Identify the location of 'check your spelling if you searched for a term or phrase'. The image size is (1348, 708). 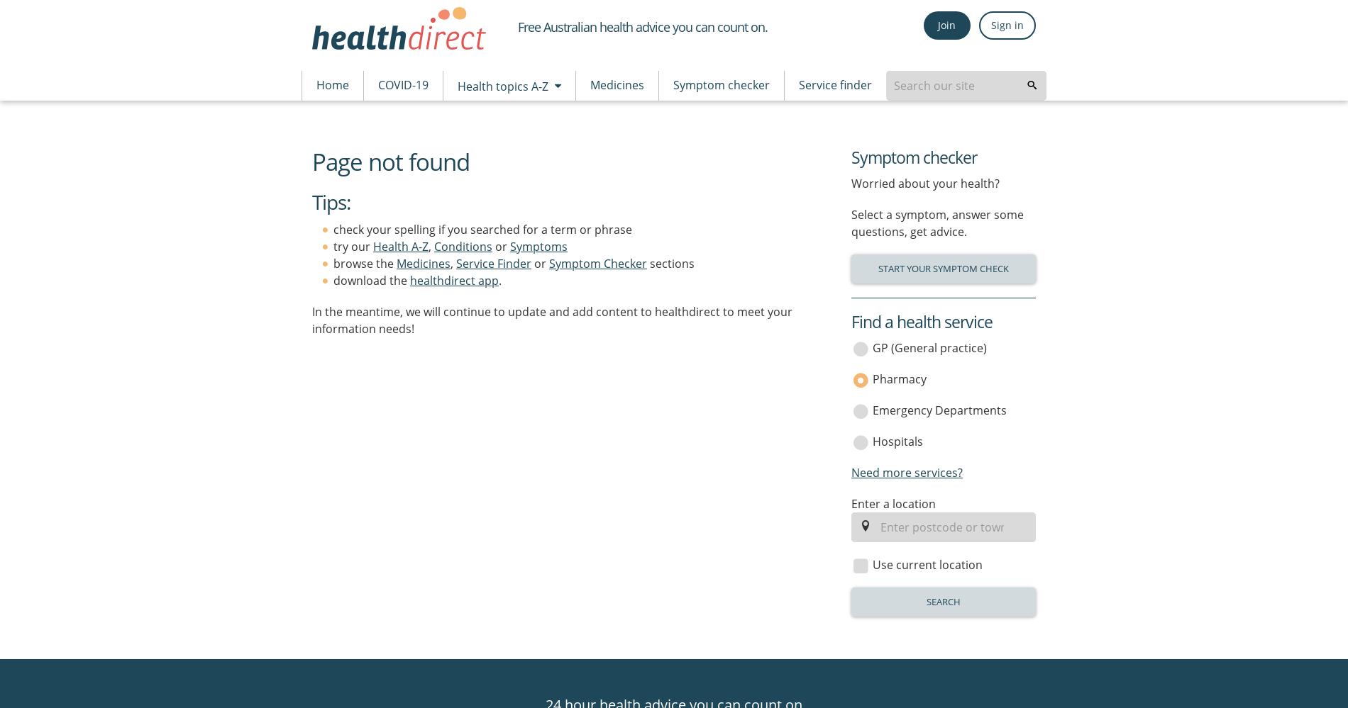
(482, 227).